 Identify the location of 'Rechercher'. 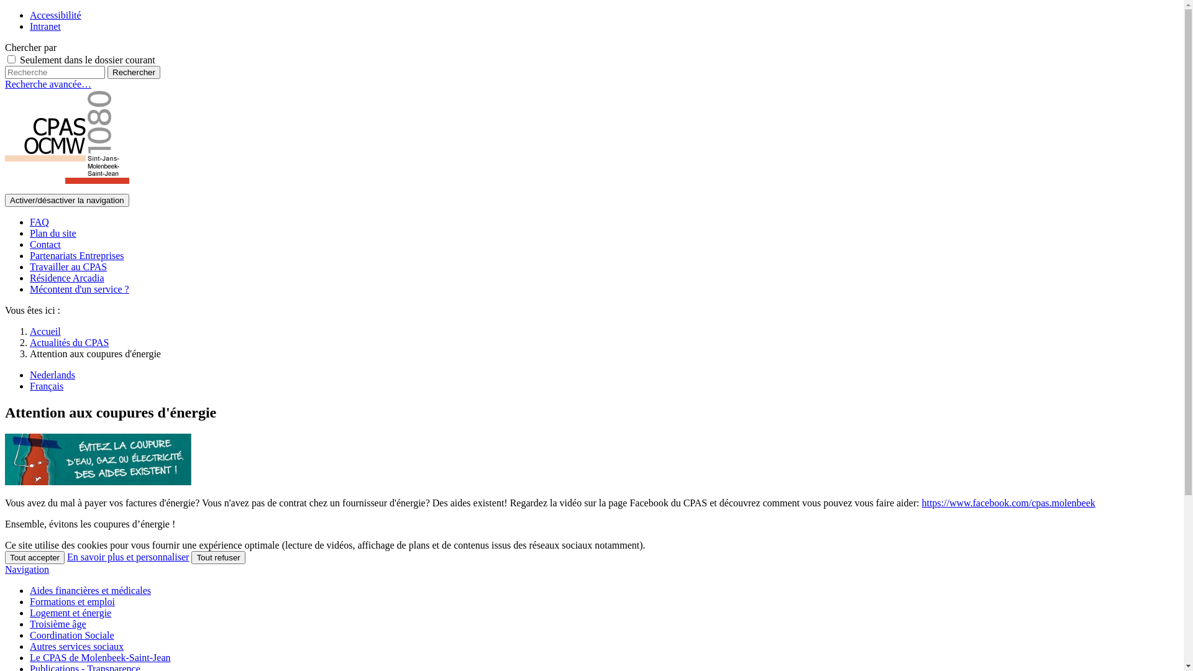
(134, 72).